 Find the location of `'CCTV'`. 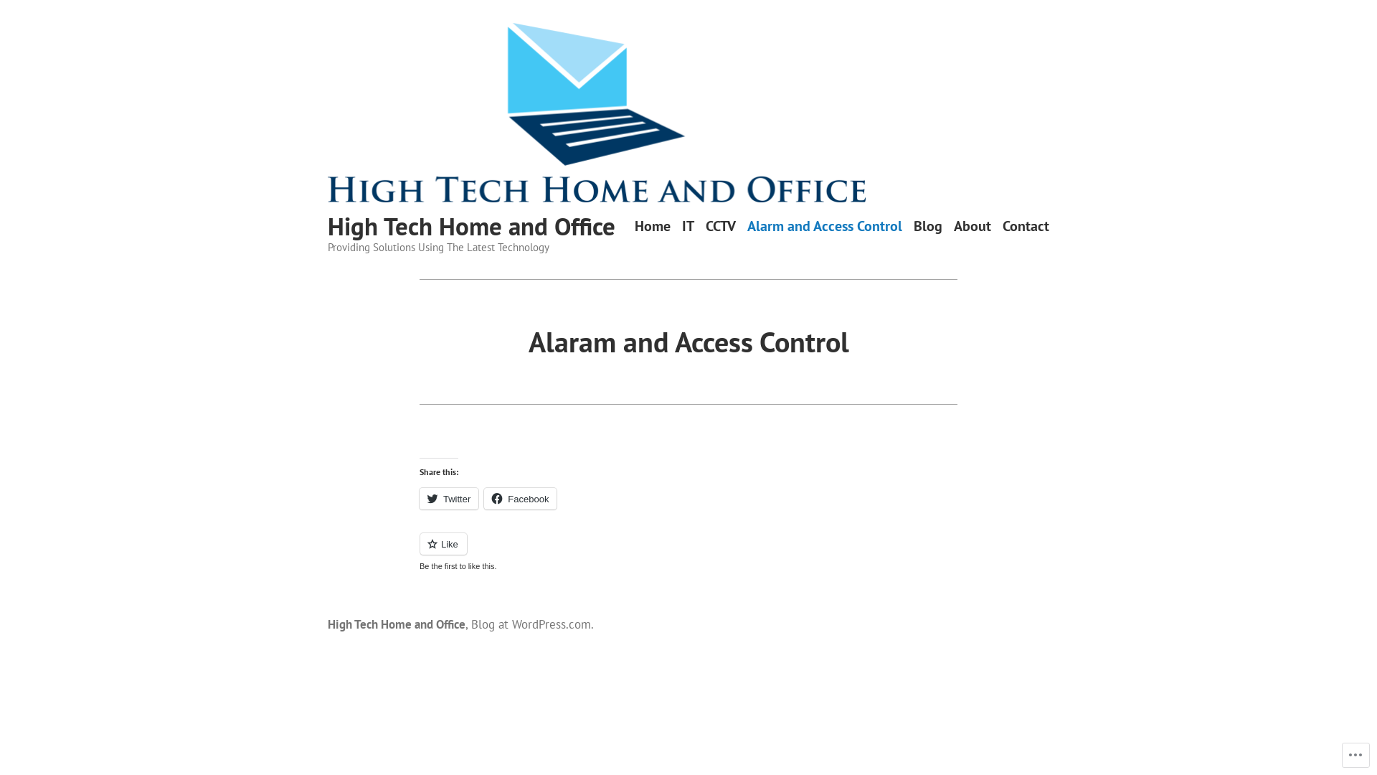

'CCTV' is located at coordinates (720, 226).